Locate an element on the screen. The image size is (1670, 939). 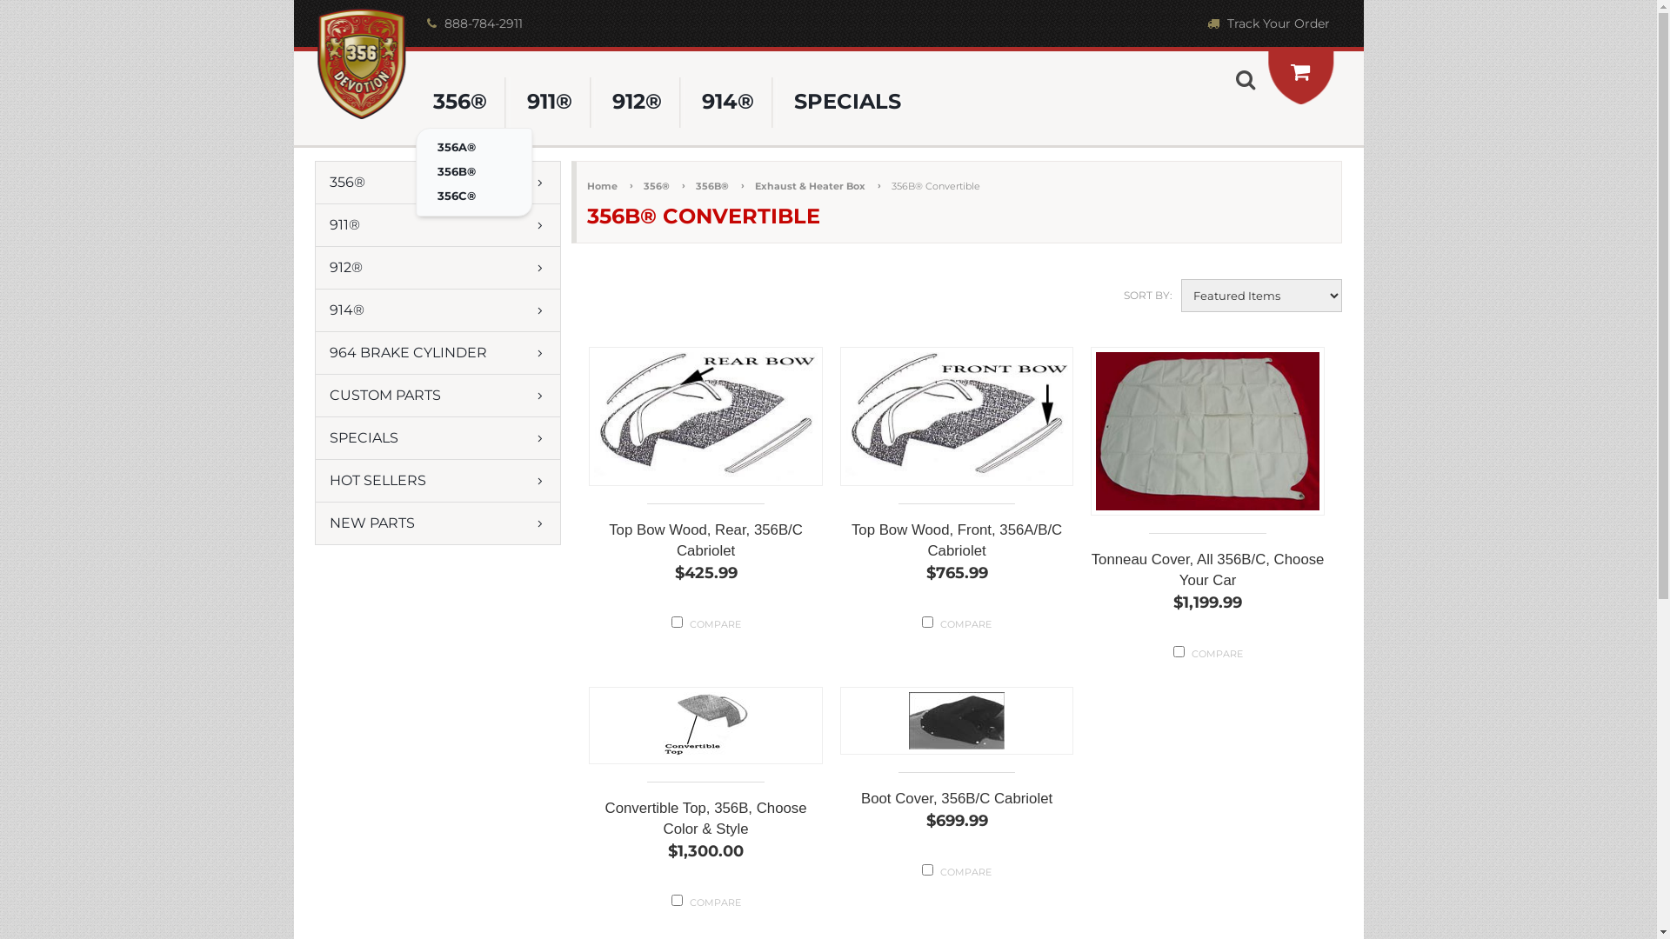
'Boot Cover, 356B/C Cabriolet' is located at coordinates (956, 790).